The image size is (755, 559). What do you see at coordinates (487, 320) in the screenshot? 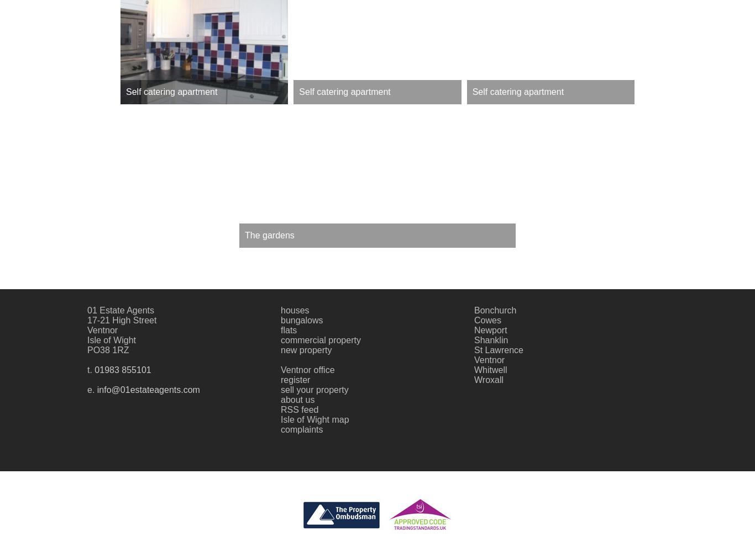
I see `'Cowes'` at bounding box center [487, 320].